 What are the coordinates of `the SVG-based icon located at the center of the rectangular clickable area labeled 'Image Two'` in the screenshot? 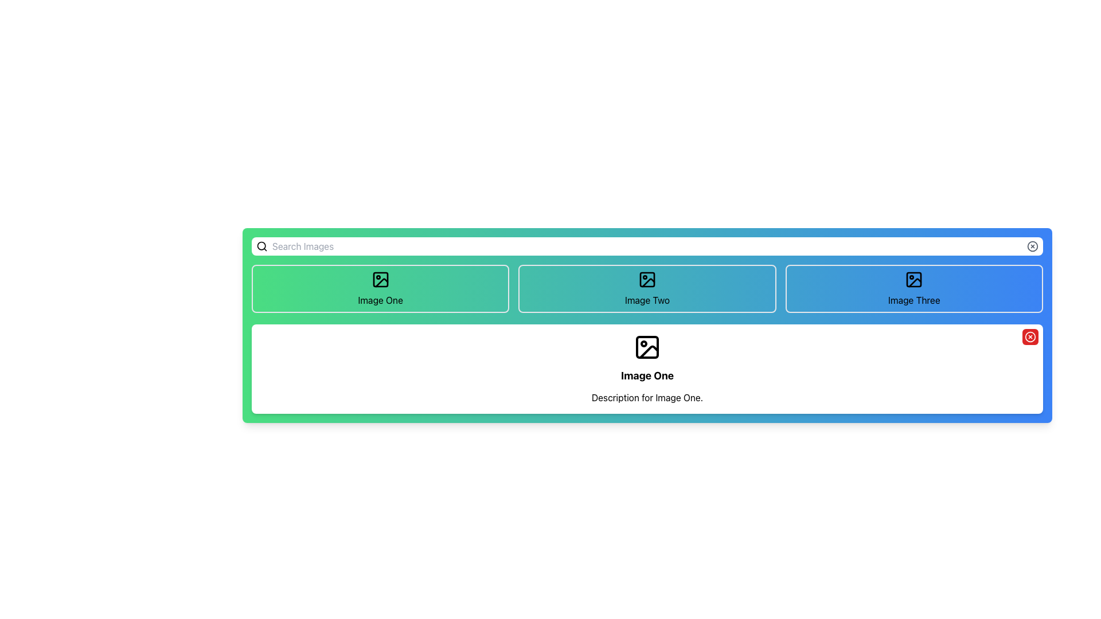 It's located at (647, 280).